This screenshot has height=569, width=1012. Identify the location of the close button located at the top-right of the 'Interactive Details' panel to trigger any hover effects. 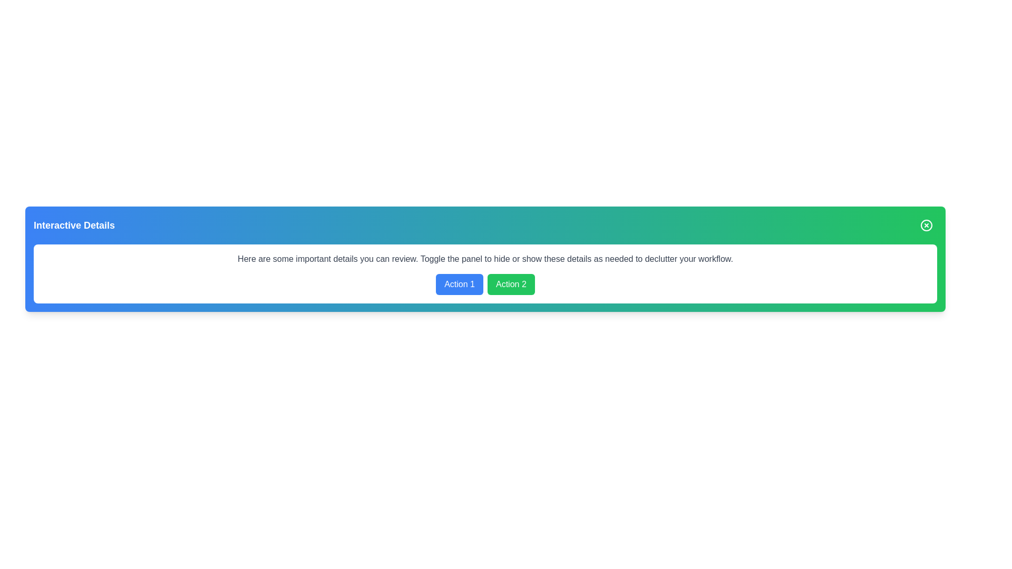
(926, 225).